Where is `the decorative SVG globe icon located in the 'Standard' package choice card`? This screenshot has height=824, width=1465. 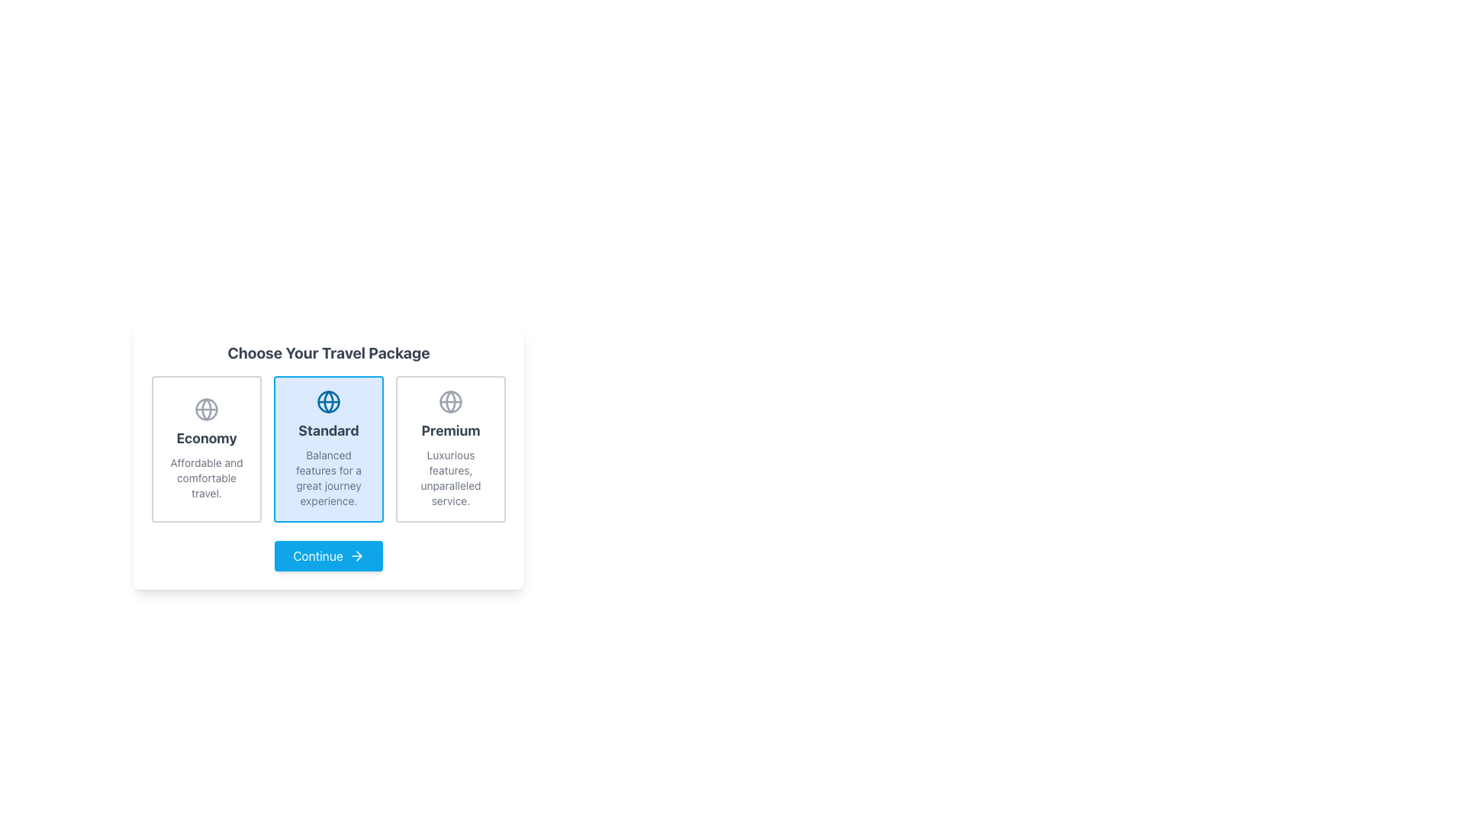 the decorative SVG globe icon located in the 'Standard' package choice card is located at coordinates (205, 408).